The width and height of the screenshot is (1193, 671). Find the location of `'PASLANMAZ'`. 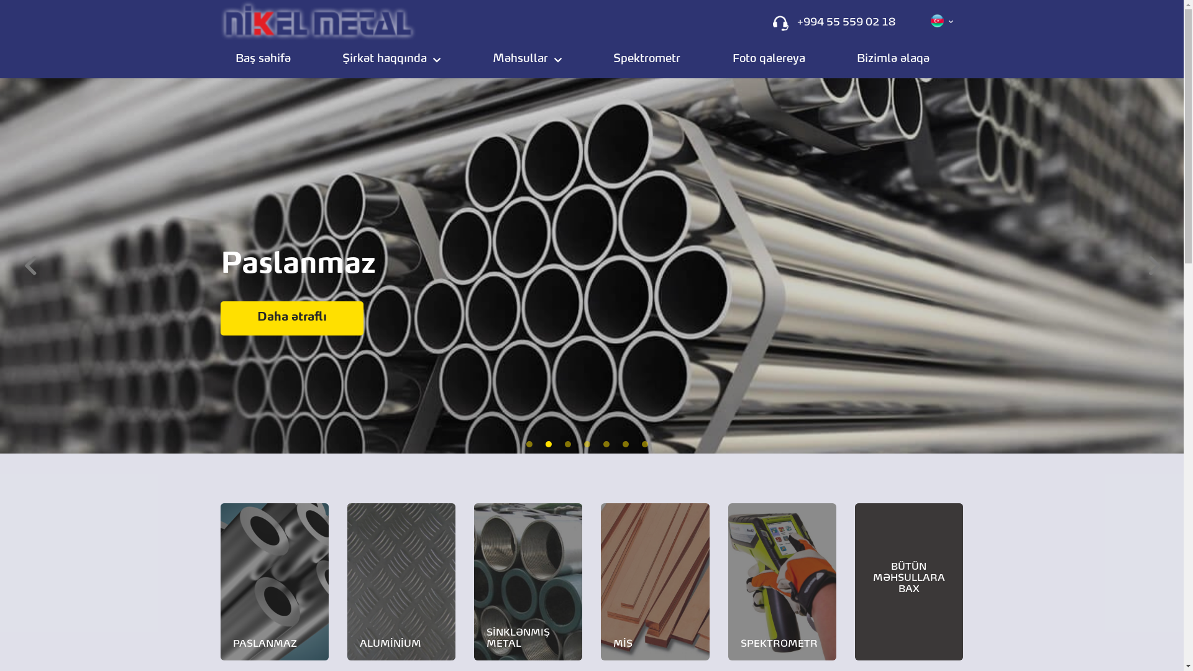

'PASLANMAZ' is located at coordinates (273, 582).